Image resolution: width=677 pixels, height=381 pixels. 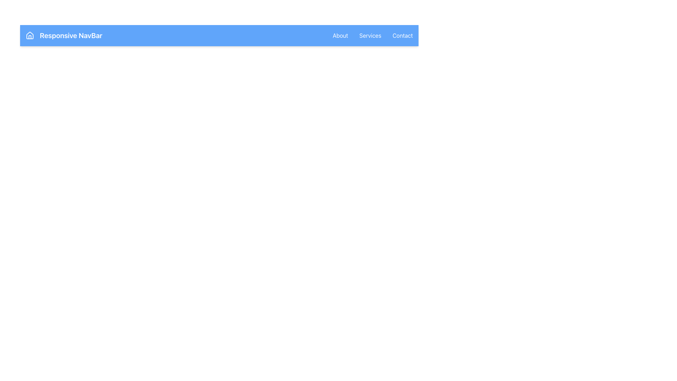 I want to click on the 'Contact' text label in the top navigation bar, which displays the word 'Contact' in white text against a blue background, so click(x=403, y=35).